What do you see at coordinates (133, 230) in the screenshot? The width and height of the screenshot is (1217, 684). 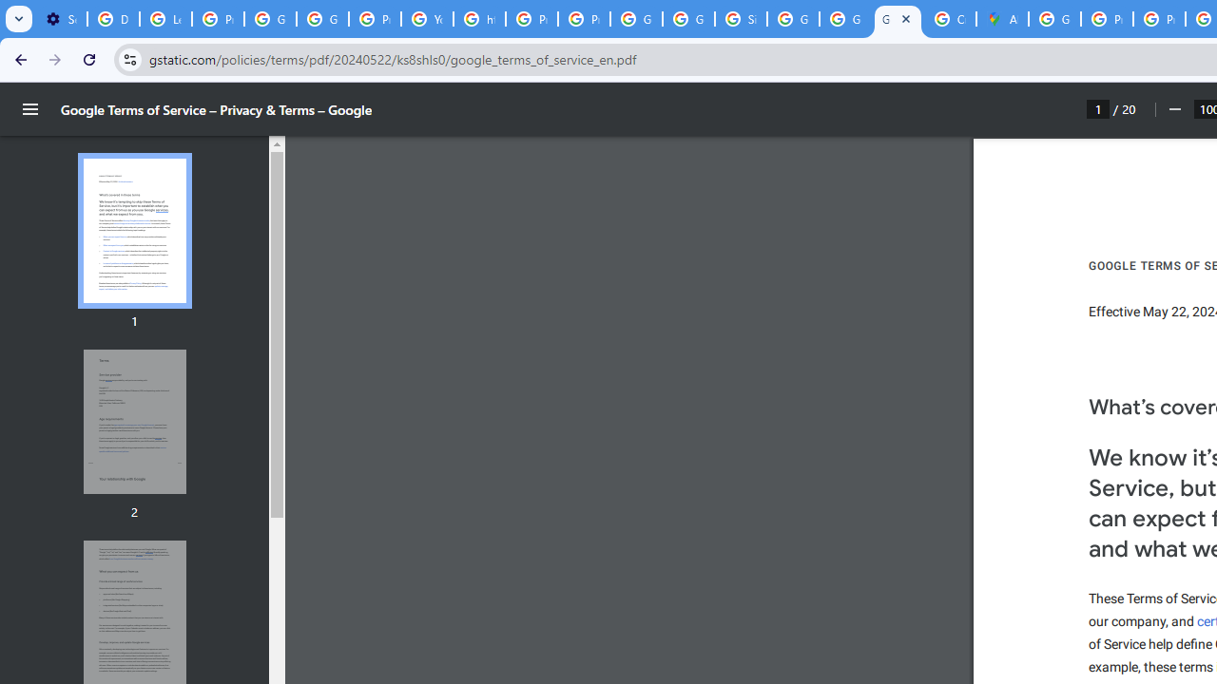 I see `'Thumbnail for page 1'` at bounding box center [133, 230].